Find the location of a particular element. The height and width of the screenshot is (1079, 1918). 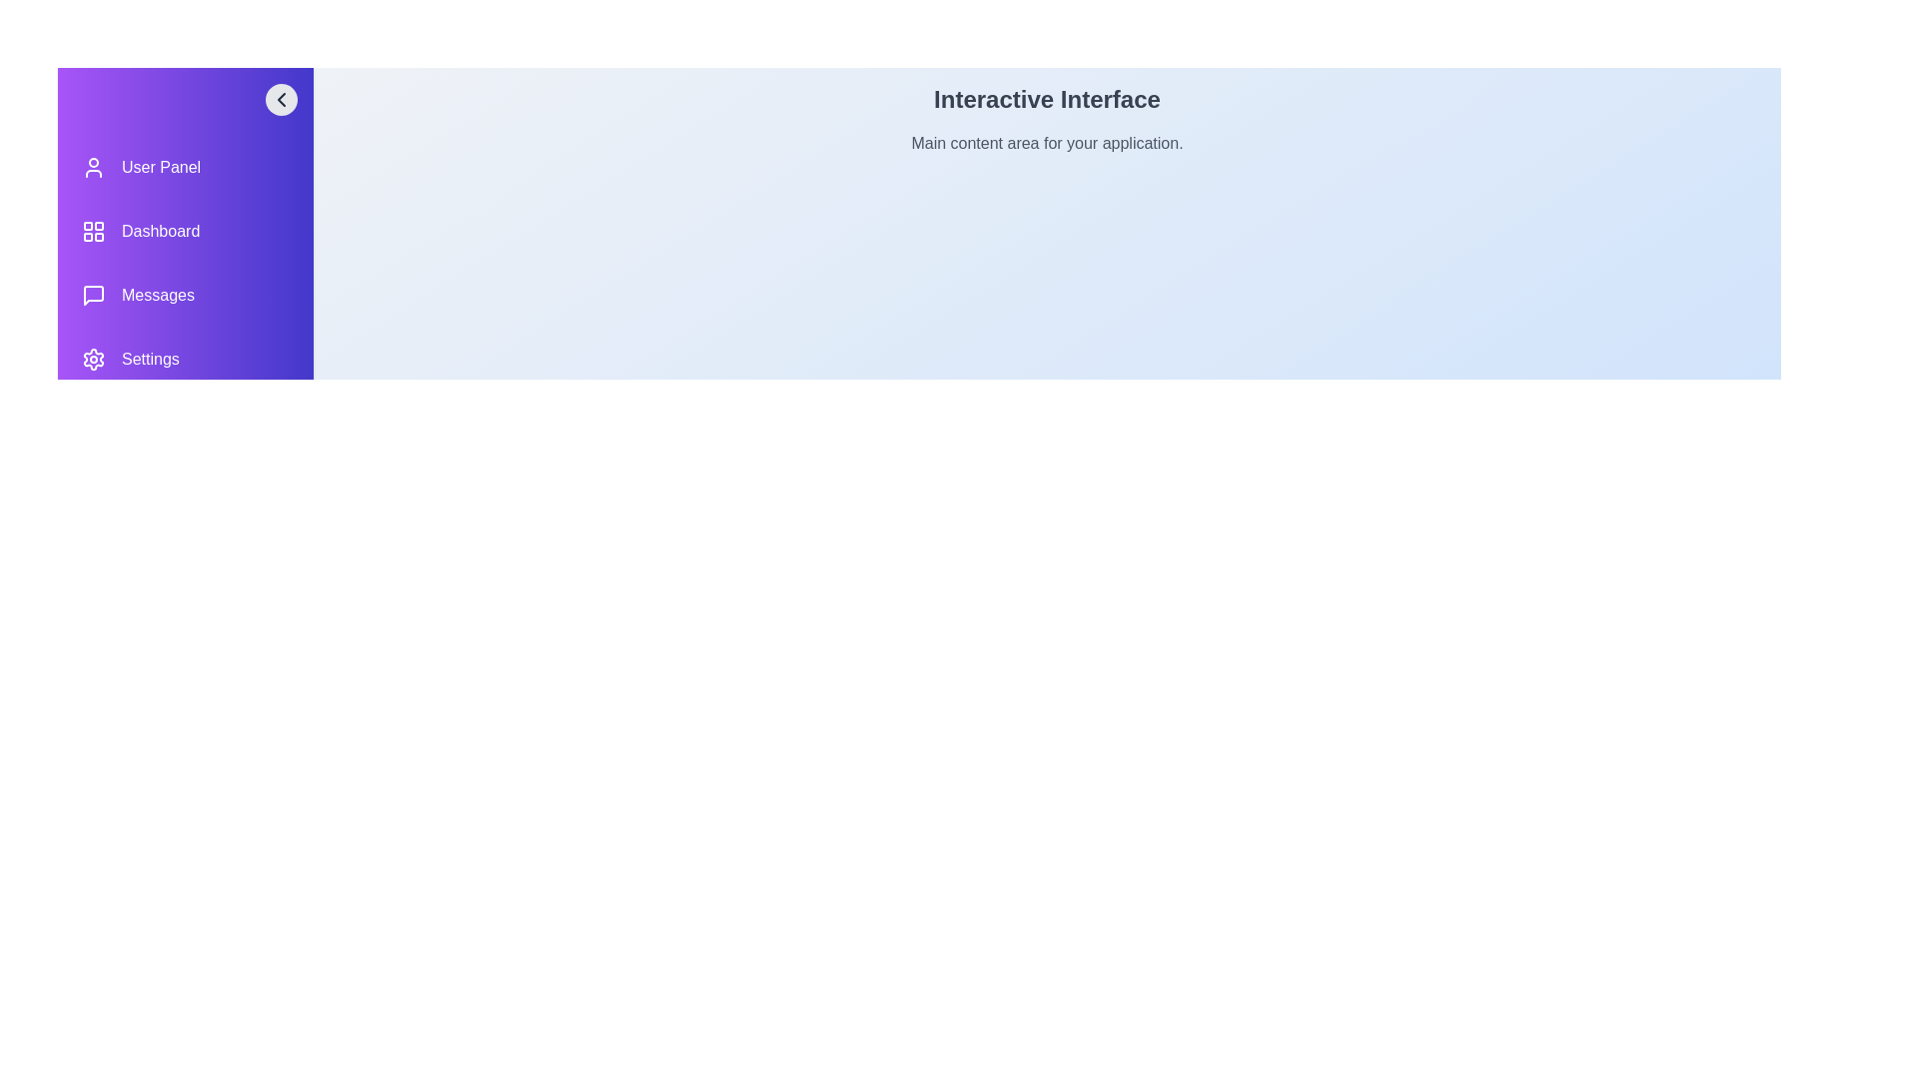

the menu item Settings to highlight it is located at coordinates (186, 358).